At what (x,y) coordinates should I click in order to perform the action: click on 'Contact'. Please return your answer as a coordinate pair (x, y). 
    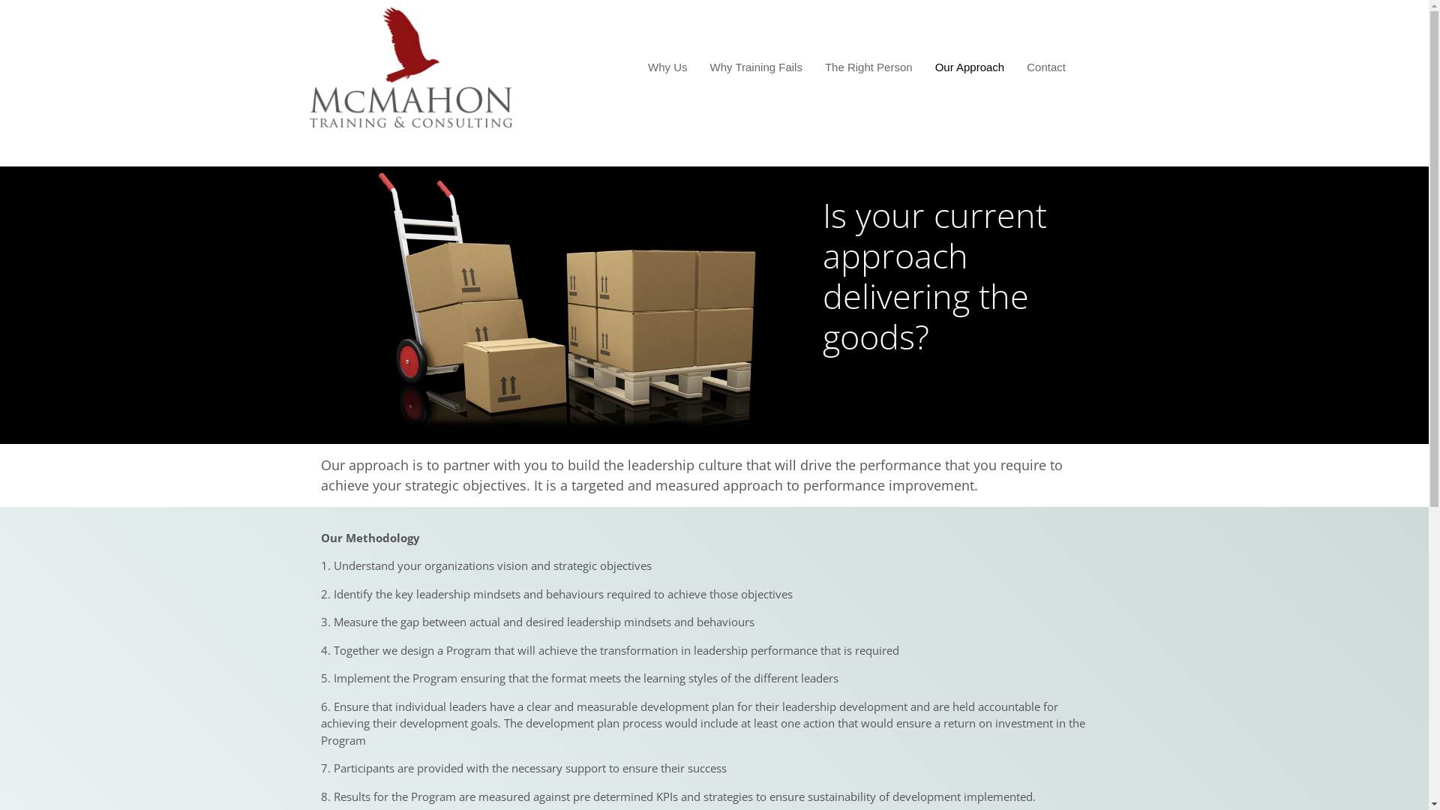
    Looking at the image, I should click on (1015, 66).